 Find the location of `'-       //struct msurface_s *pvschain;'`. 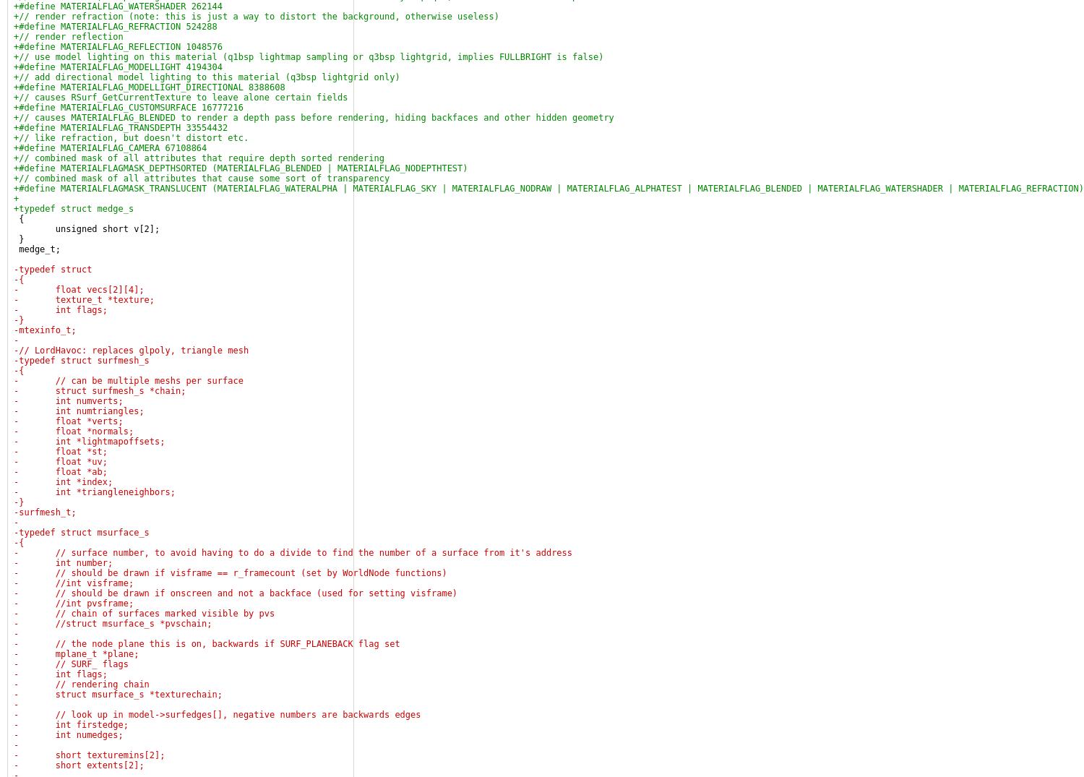

'-       //struct msurface_s *pvschain;' is located at coordinates (113, 624).